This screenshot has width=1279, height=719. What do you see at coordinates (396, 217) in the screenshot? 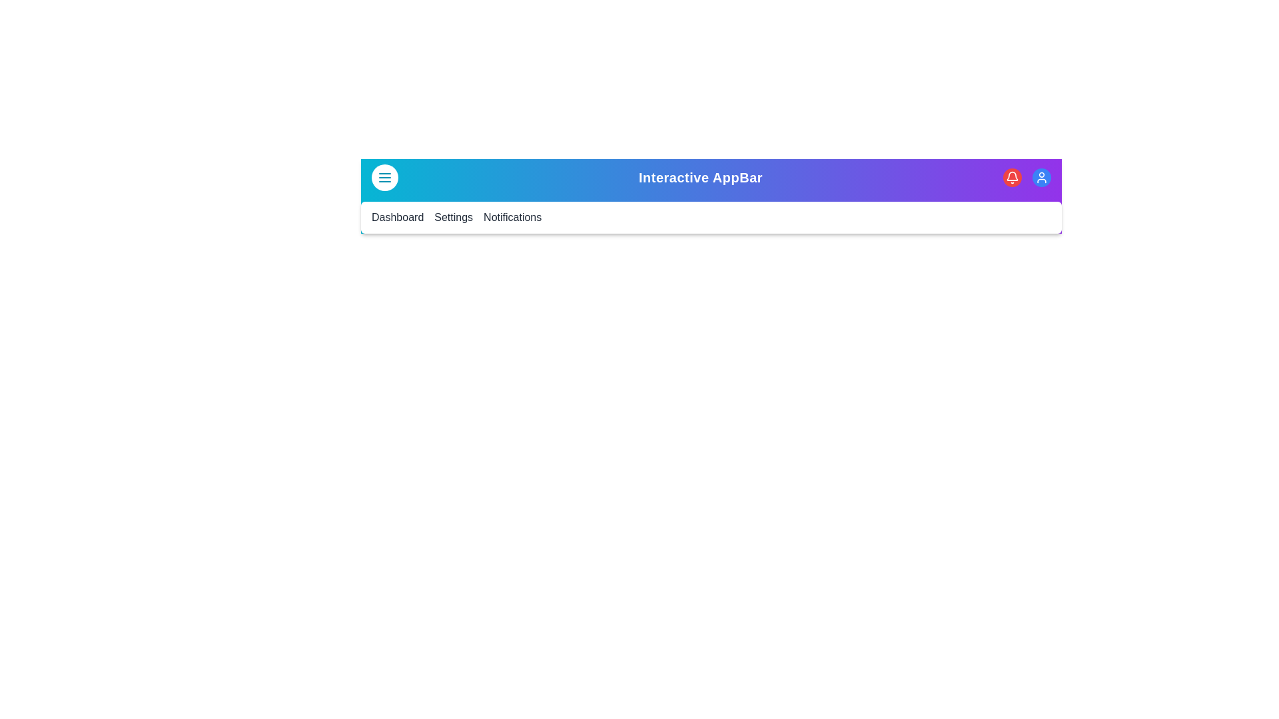
I see `the Dashboard button to navigate to the desired section` at bounding box center [396, 217].